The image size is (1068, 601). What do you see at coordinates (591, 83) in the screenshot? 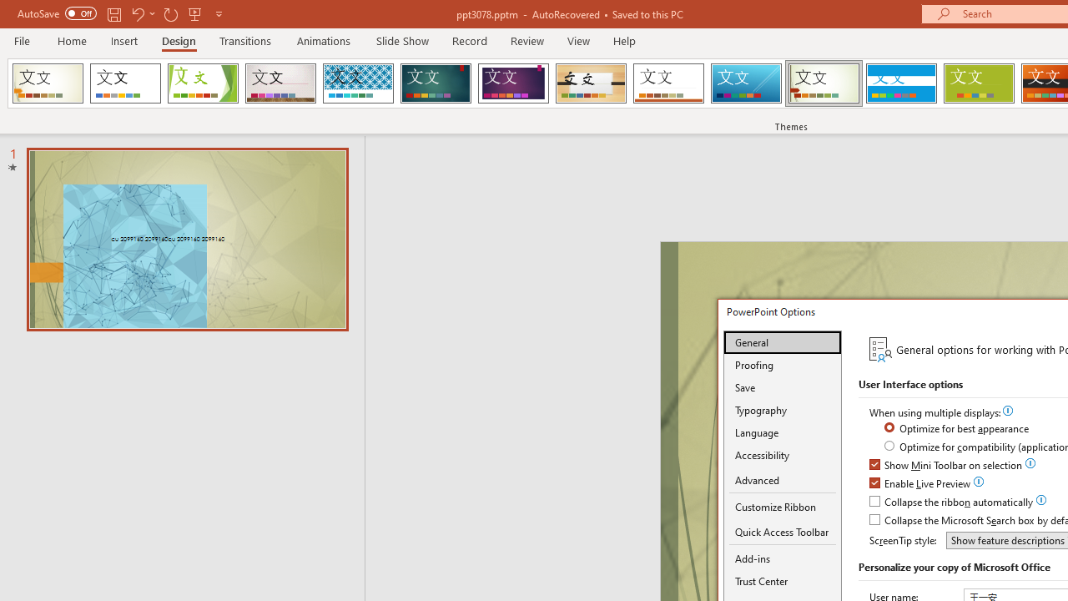
I see `'Organic Loading Preview...'` at bounding box center [591, 83].